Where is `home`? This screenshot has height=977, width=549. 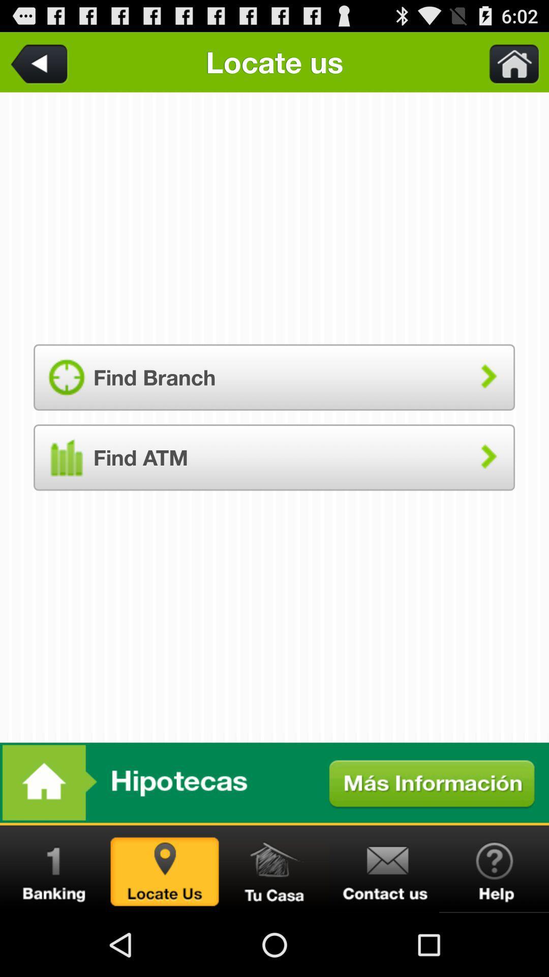
home is located at coordinates (274, 782).